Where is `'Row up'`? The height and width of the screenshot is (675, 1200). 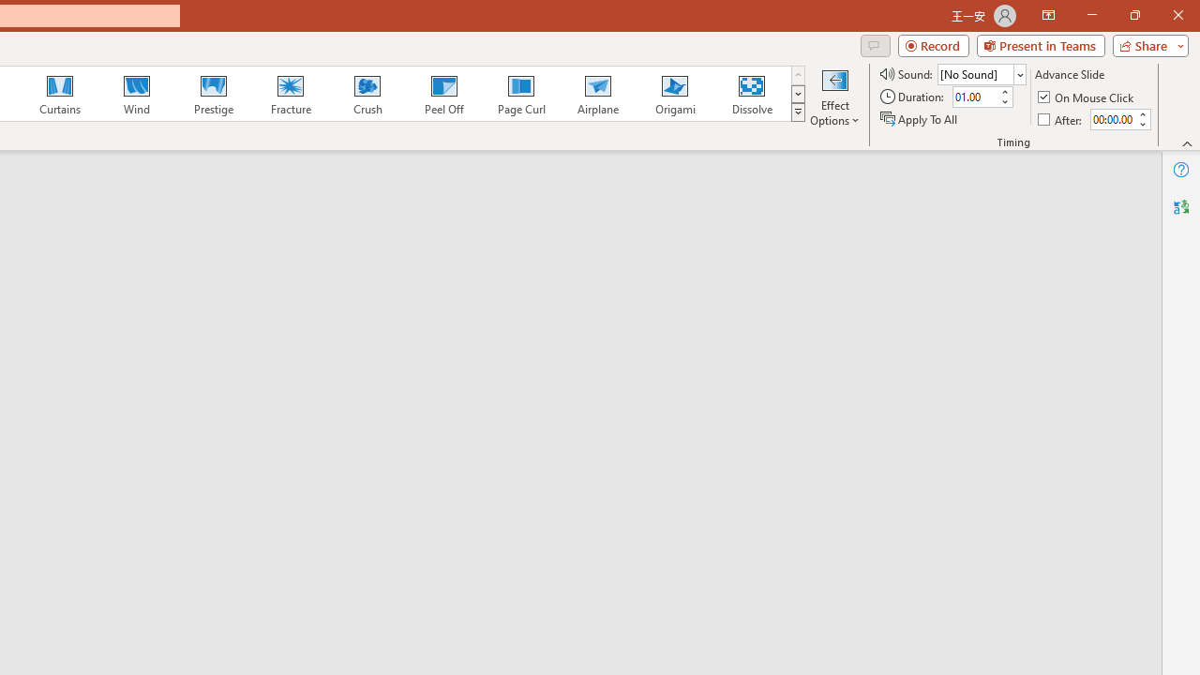 'Row up' is located at coordinates (798, 74).